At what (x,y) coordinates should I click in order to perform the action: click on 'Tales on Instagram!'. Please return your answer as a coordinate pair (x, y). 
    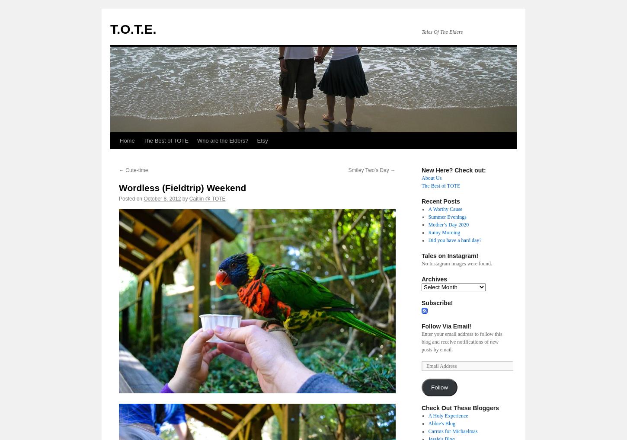
    Looking at the image, I should click on (421, 255).